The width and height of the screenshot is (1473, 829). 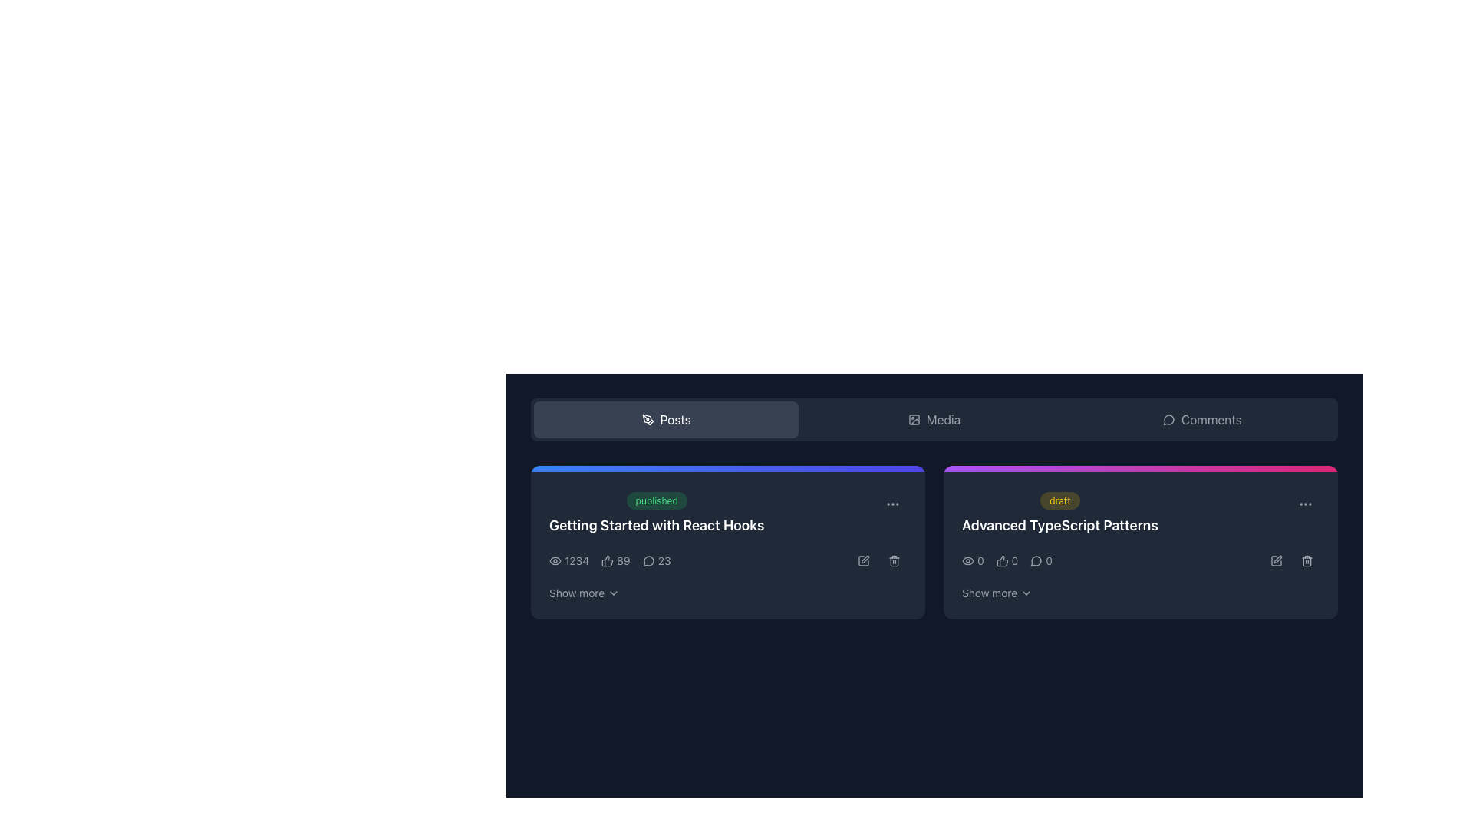 What do you see at coordinates (990, 592) in the screenshot?
I see `the 'Show more' button located at the bottom left of the 'Advanced TypeScript Patterns' content card` at bounding box center [990, 592].